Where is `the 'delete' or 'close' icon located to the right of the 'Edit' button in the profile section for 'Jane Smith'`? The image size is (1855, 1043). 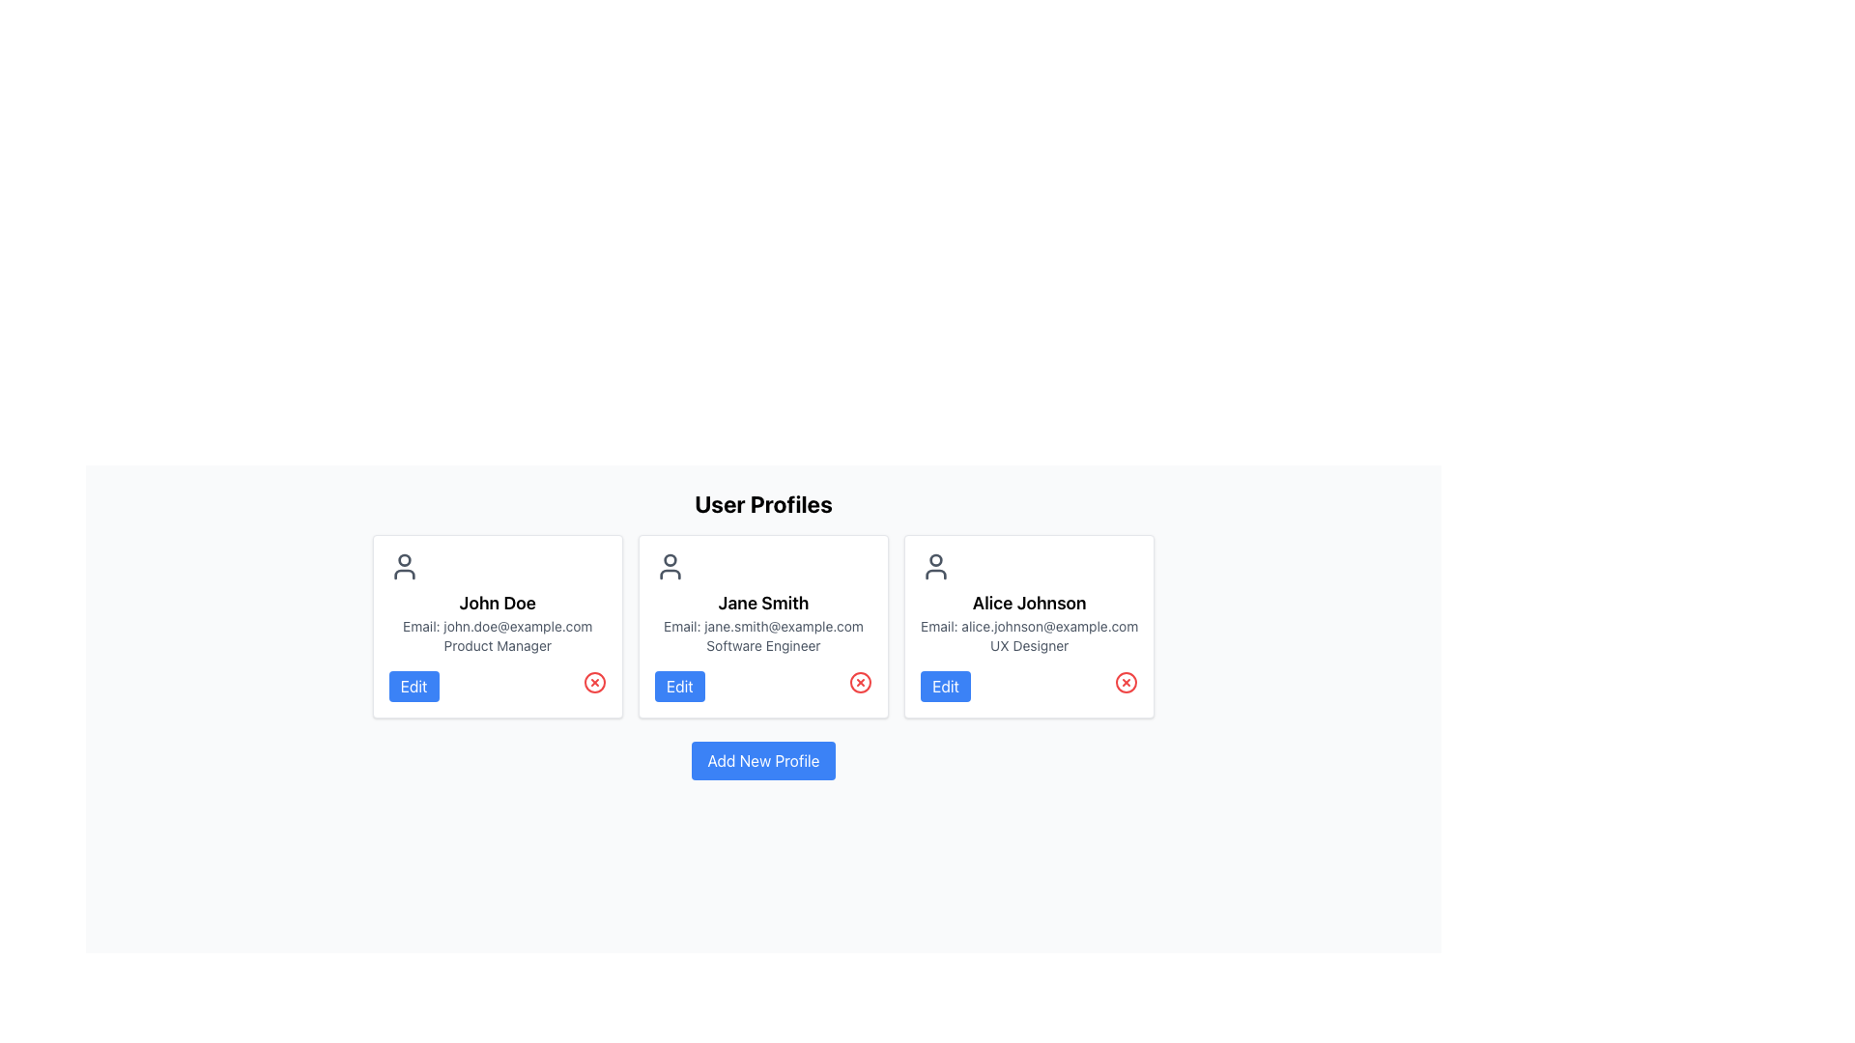 the 'delete' or 'close' icon located to the right of the 'Edit' button in the profile section for 'Jane Smith' is located at coordinates (860, 681).